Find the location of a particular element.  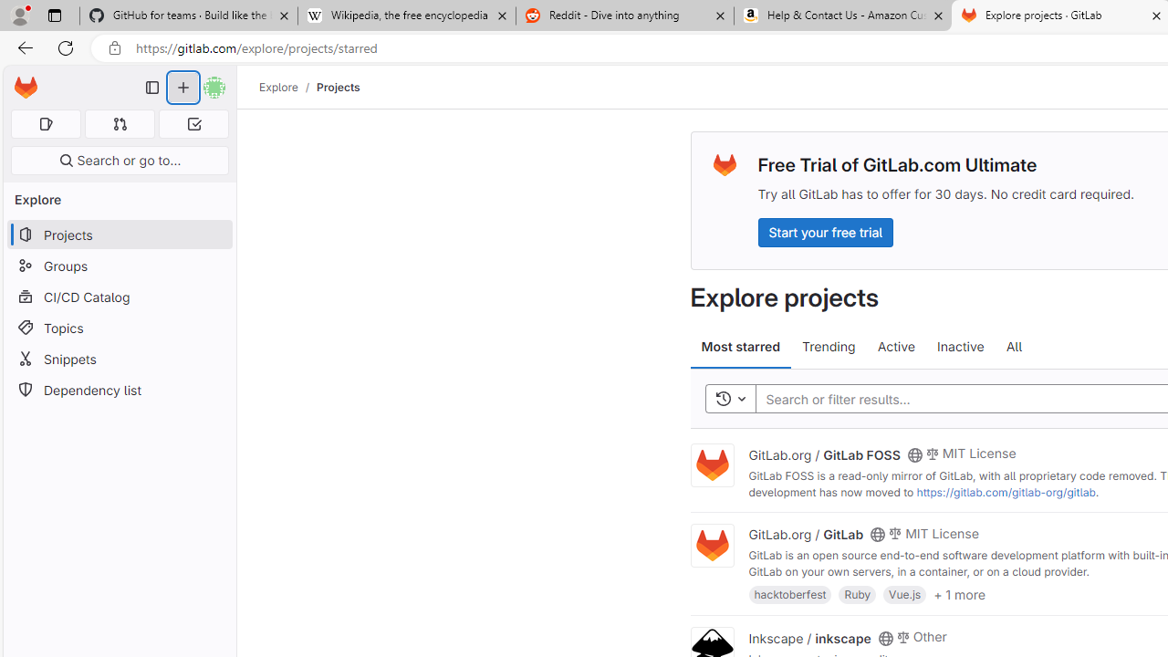

'Merge requests 0' is located at coordinates (119, 123).